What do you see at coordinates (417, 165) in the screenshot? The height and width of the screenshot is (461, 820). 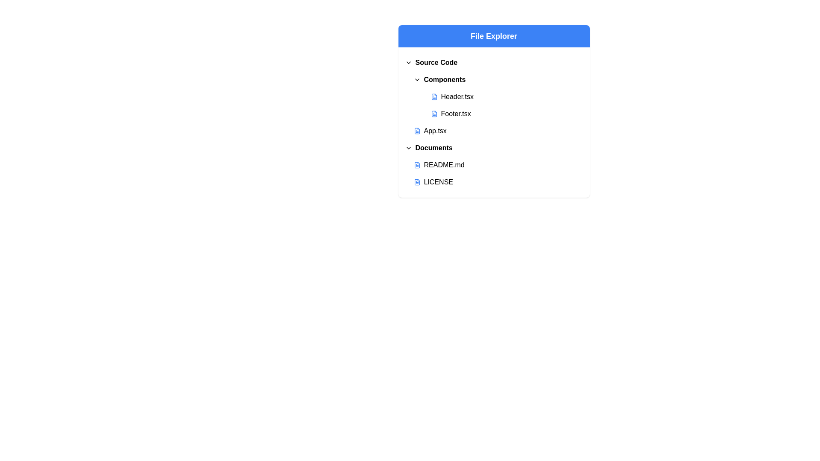 I see `the SVG icon that visually denotes a file document, located near the left edge of the 'README.md' list item in the 'Documents' section of the 'File Explorer' component` at bounding box center [417, 165].